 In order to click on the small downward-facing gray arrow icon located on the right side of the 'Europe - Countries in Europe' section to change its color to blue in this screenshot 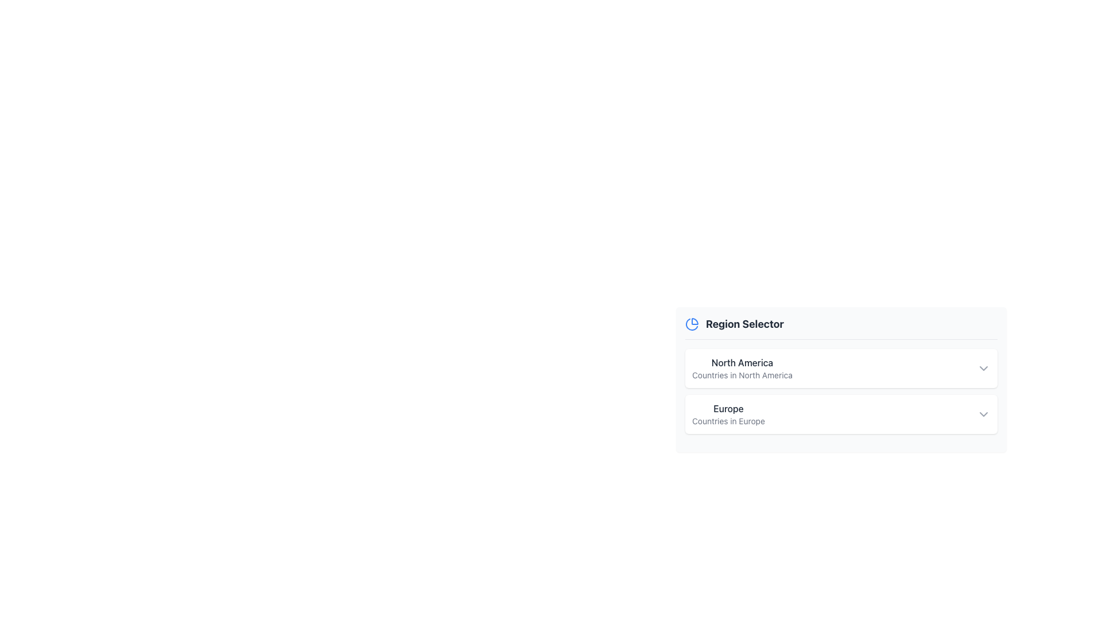, I will do `click(983, 414)`.